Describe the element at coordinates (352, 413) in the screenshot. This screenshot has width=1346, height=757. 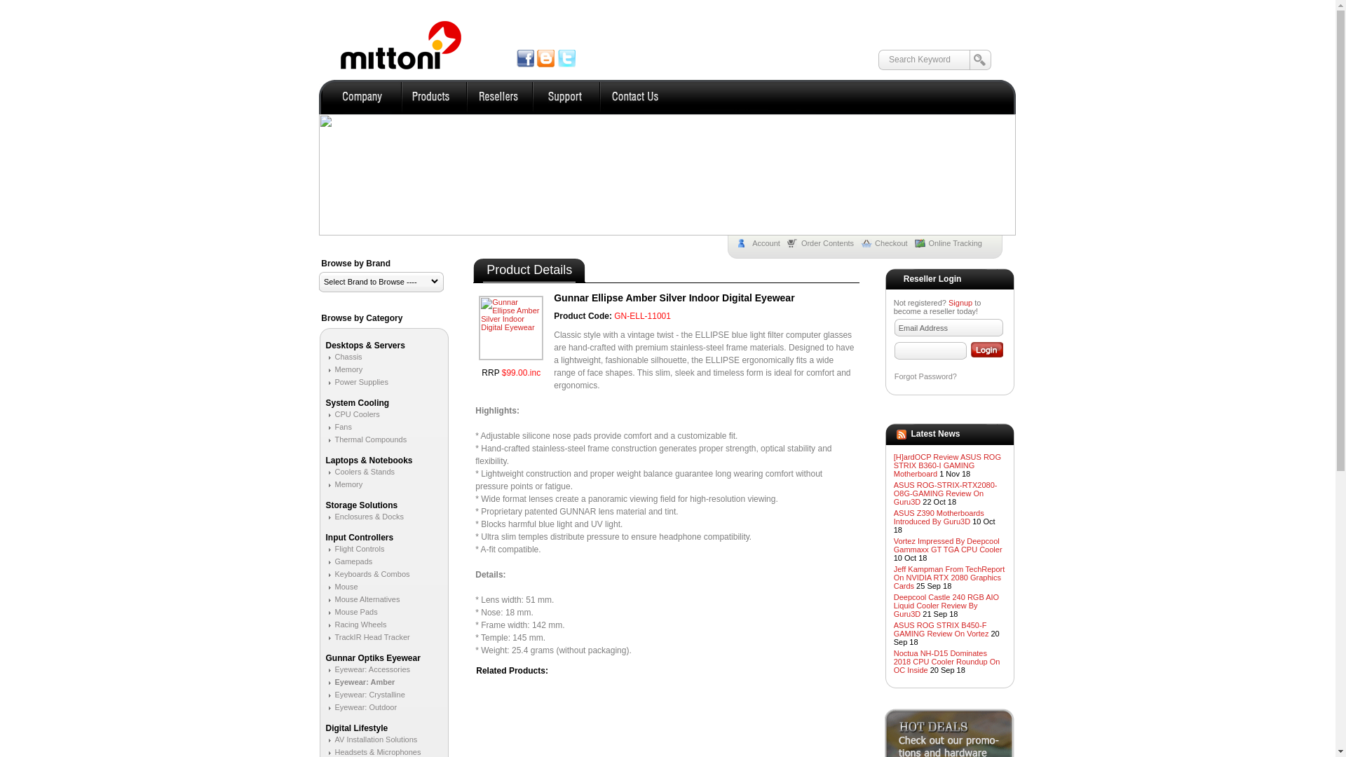
I see `'CPU Coolers'` at that location.